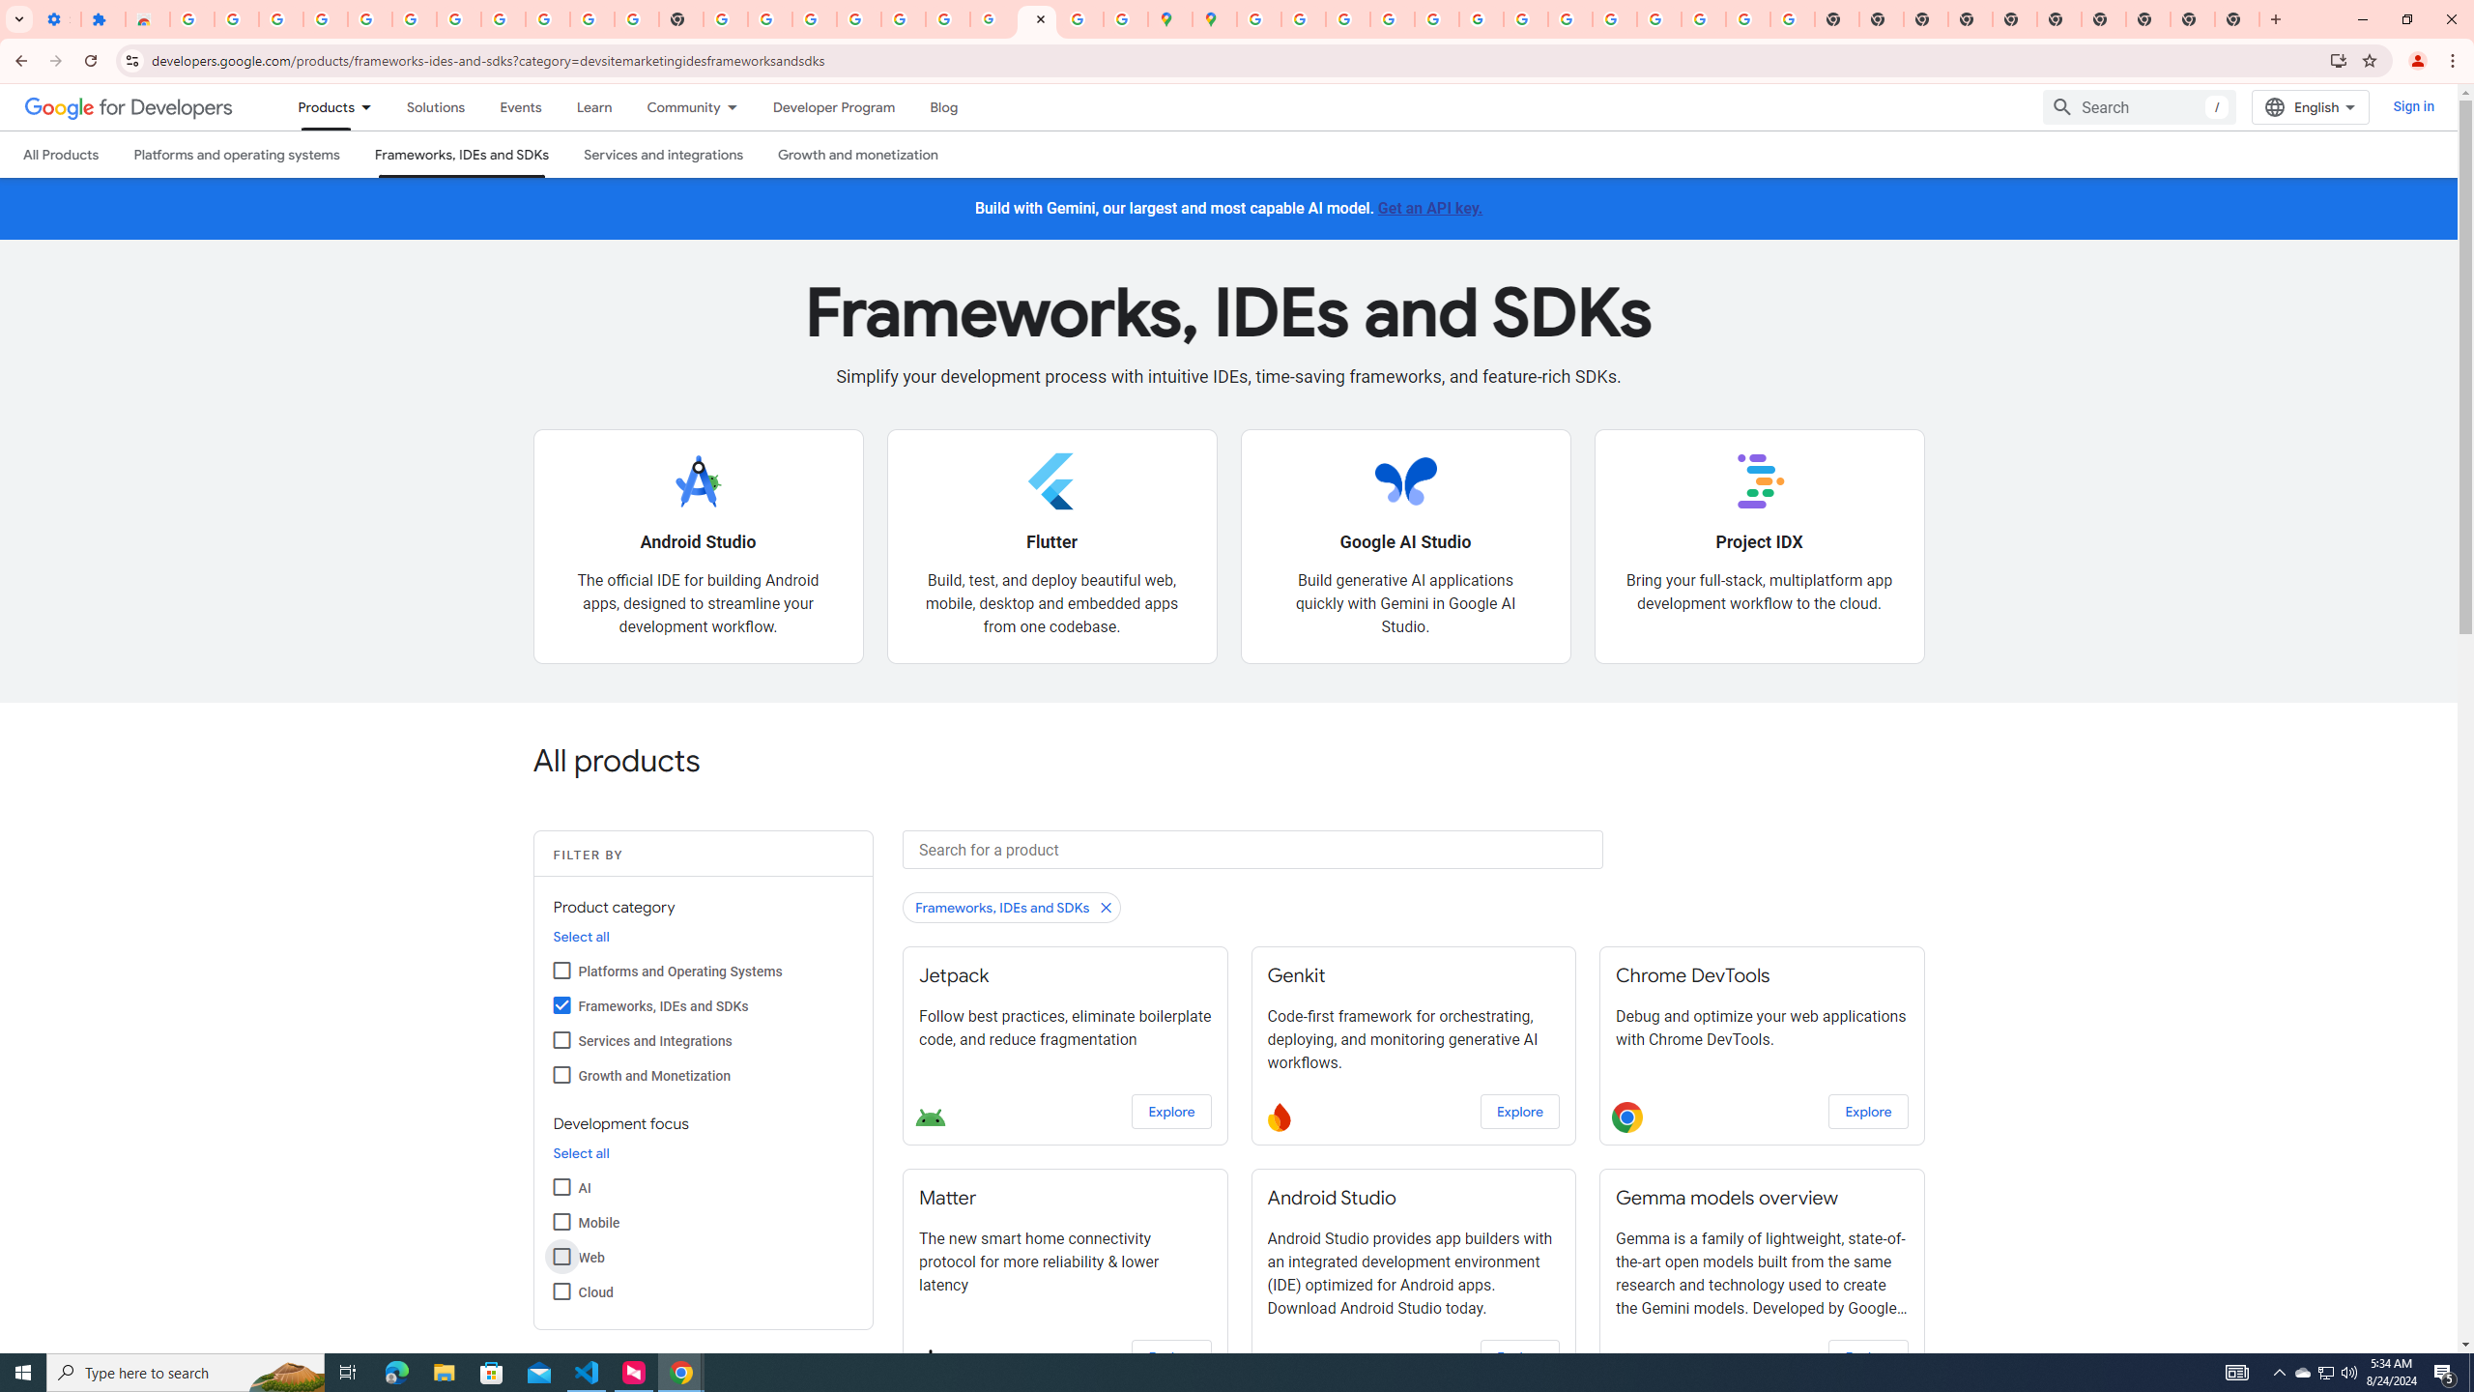 The width and height of the screenshot is (2474, 1392). Describe the element at coordinates (561, 1221) in the screenshot. I see `'Mobile'` at that location.